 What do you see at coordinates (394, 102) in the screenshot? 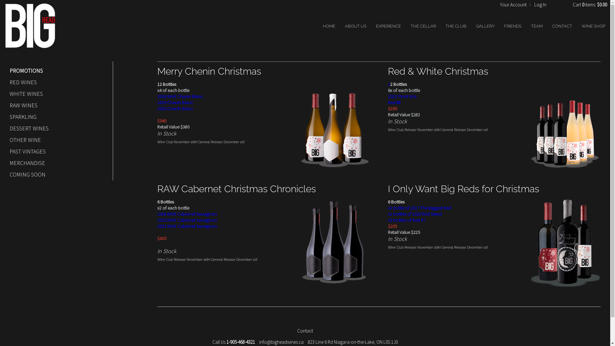
I see `'Red #8'` at bounding box center [394, 102].